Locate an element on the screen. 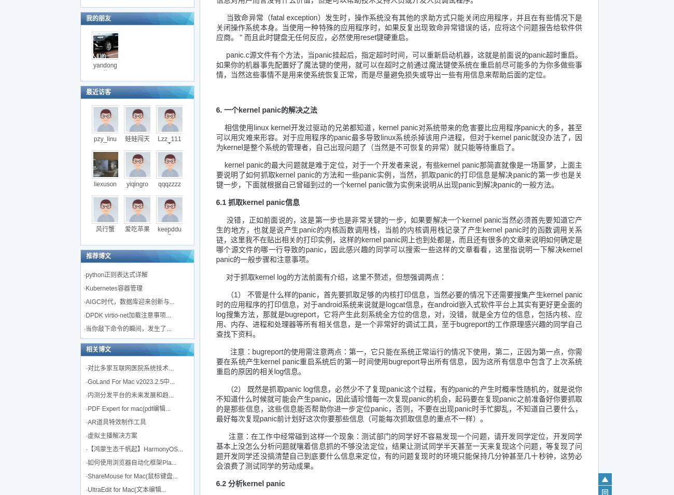 This screenshot has width=674, height=495. 'panic.c源文件有个方法，当panic挂起后，指定超时时间，可以重新启动机器，这就是前面说的panic超时重启。如果你的机器事先配置好了魔法键的使用，就可以' is located at coordinates (398, 59).